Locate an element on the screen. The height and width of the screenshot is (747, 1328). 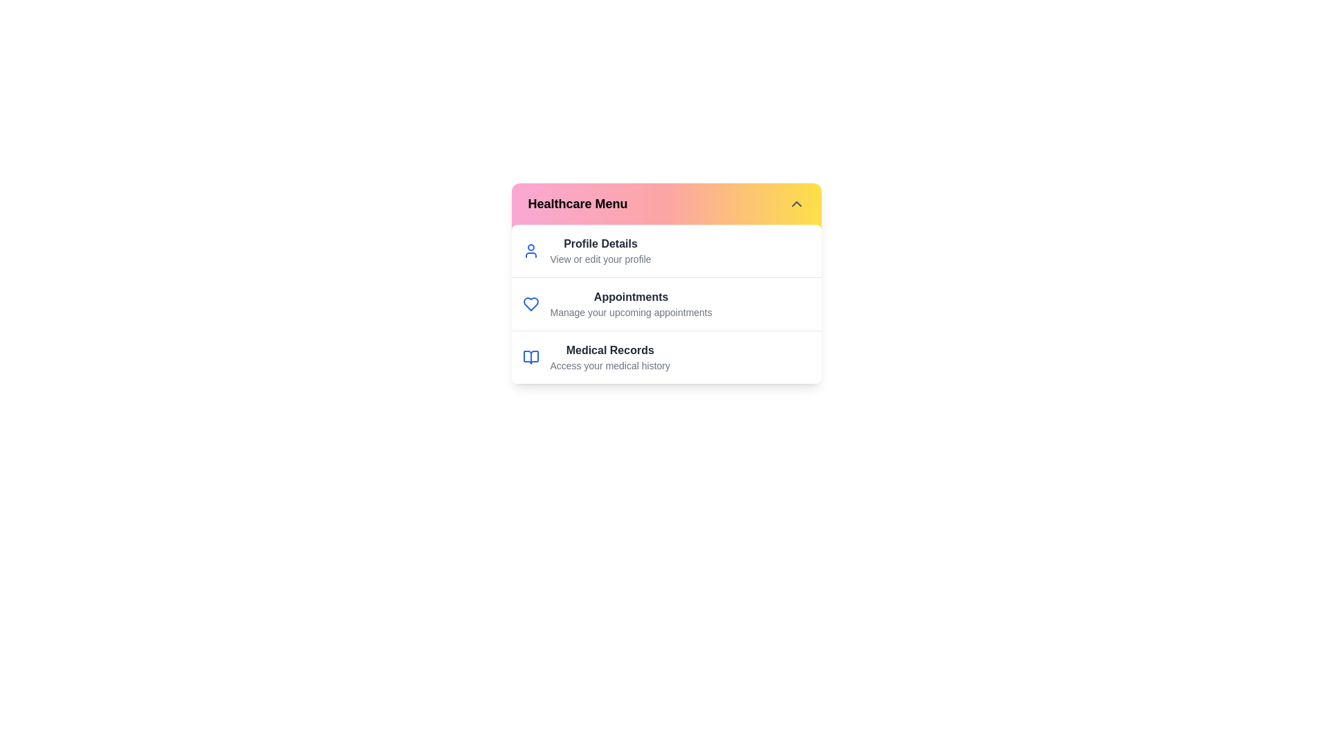
the menu item Medical Records from the HealthcareMenu is located at coordinates (609, 356).